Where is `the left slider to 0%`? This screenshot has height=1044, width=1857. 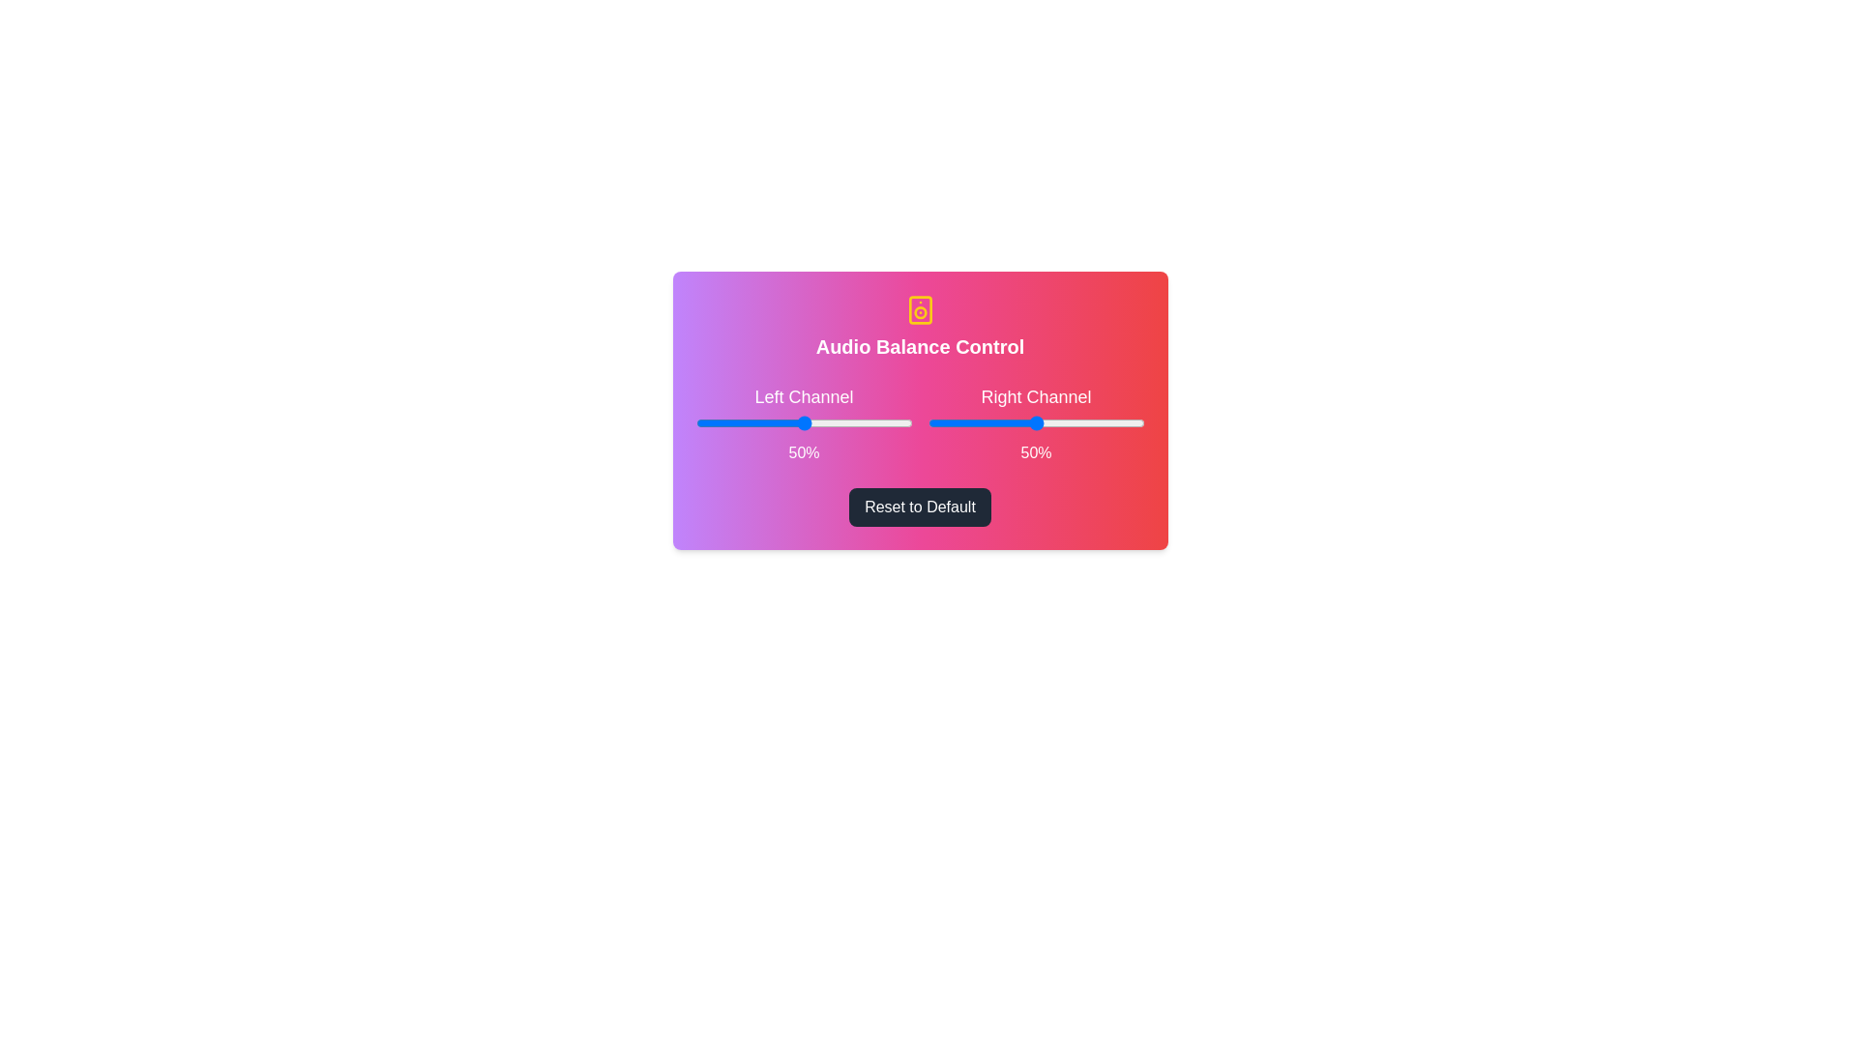 the left slider to 0% is located at coordinates (695, 422).